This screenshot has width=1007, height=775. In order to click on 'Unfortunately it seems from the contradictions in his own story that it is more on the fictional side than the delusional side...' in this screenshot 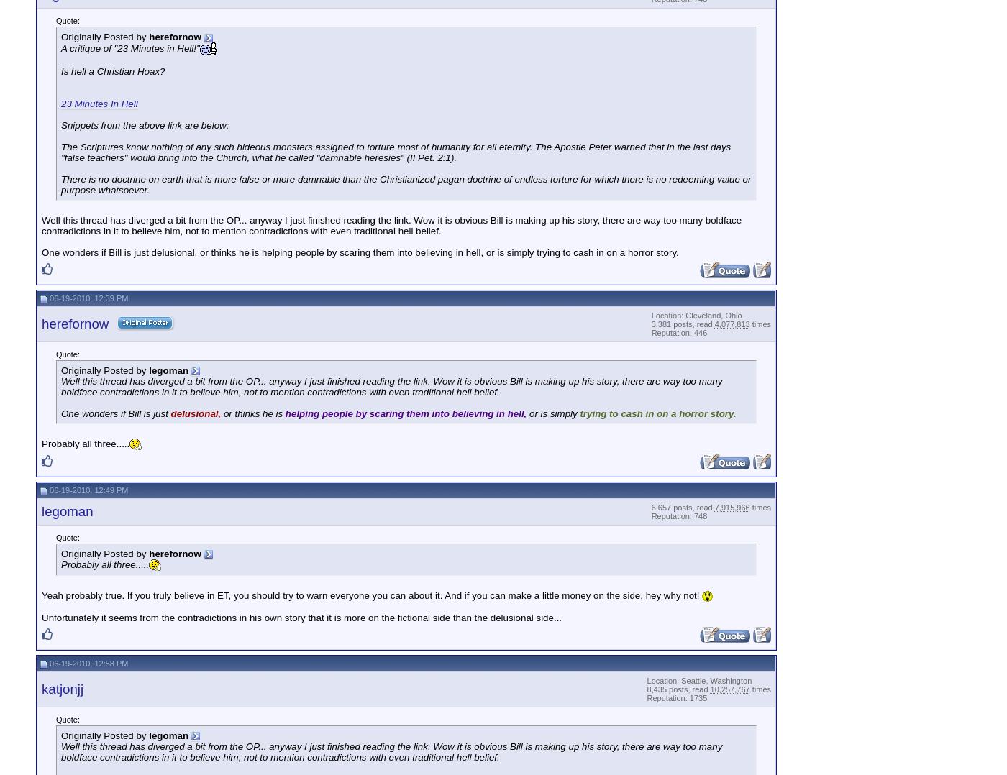, I will do `click(301, 617)`.